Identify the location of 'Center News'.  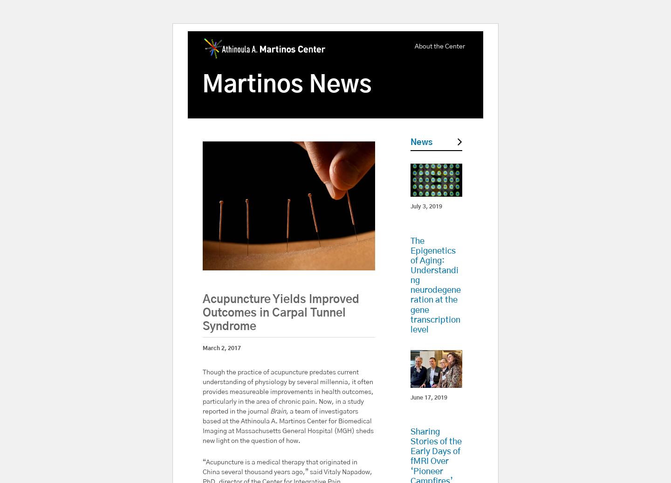
(427, 412).